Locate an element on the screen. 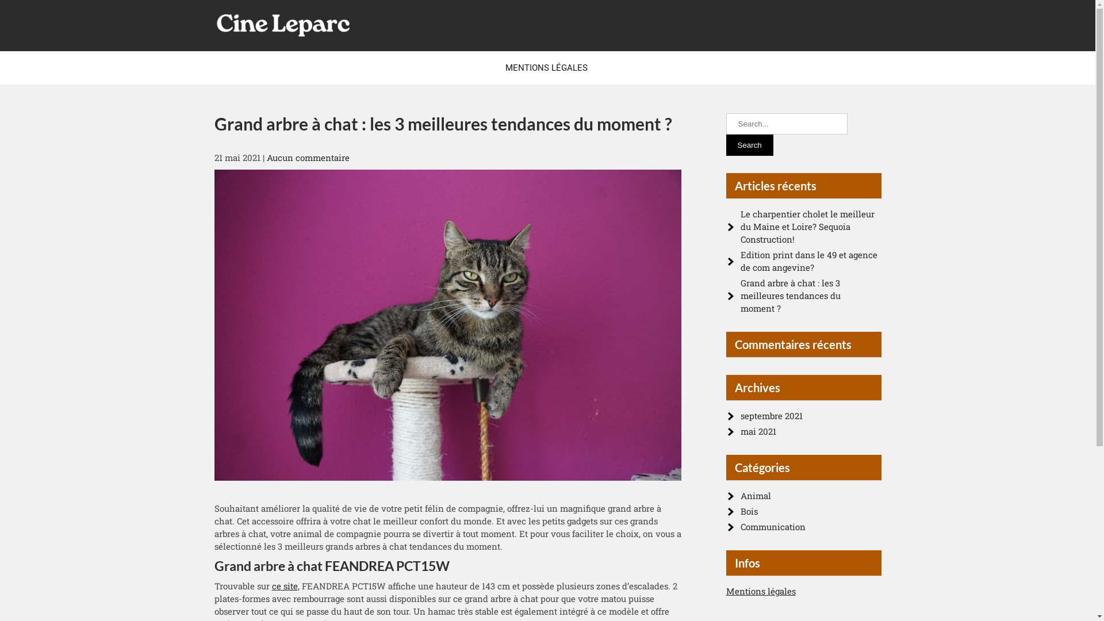 The width and height of the screenshot is (1104, 621). 'septembre 2021' is located at coordinates (772, 415).